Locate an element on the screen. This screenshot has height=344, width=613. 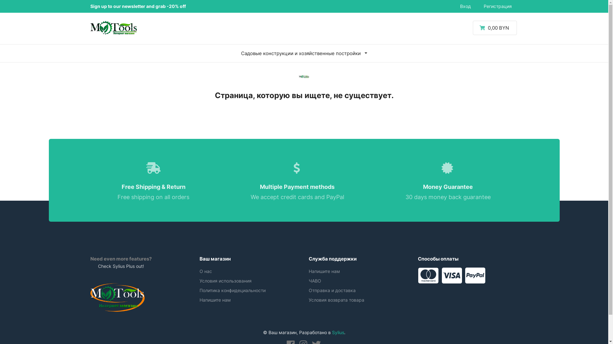
'Sylius' is located at coordinates (338, 332).